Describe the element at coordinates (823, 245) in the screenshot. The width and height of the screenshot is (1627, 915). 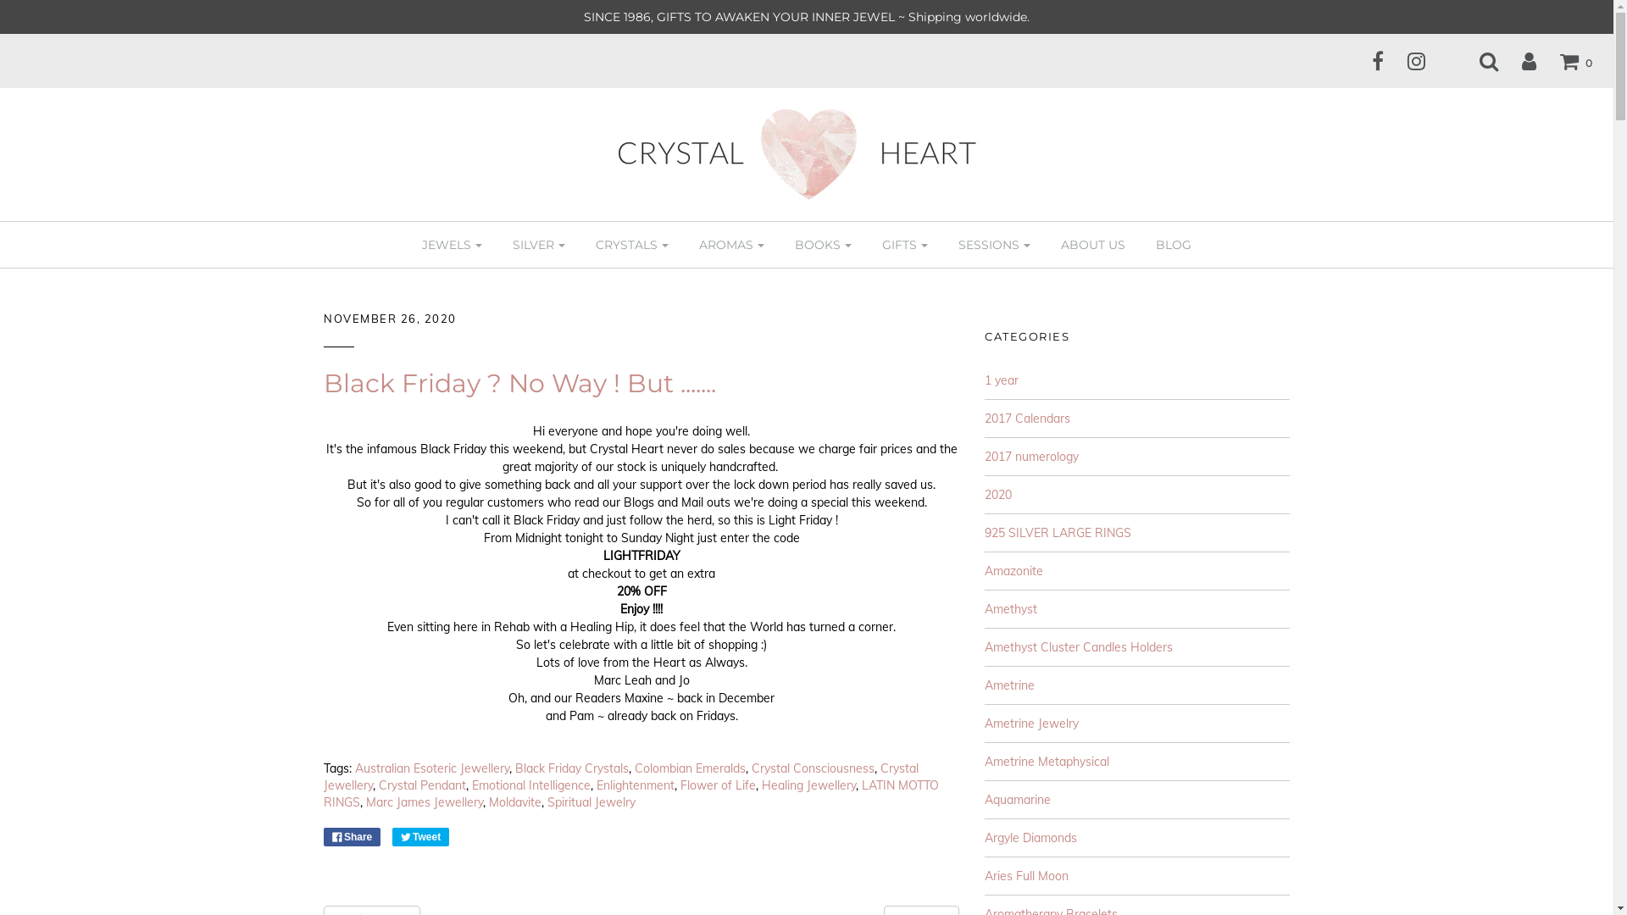
I see `'BOOKS'` at that location.